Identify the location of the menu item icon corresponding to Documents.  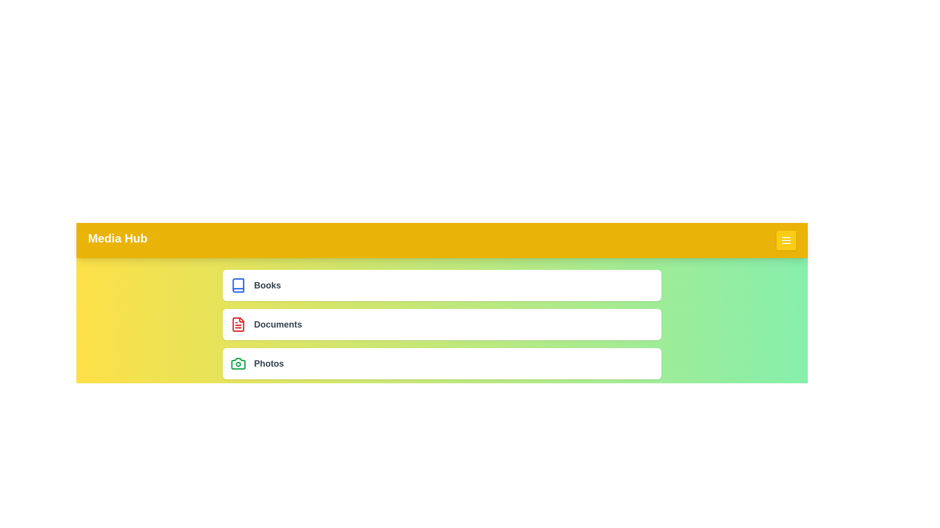
(238, 324).